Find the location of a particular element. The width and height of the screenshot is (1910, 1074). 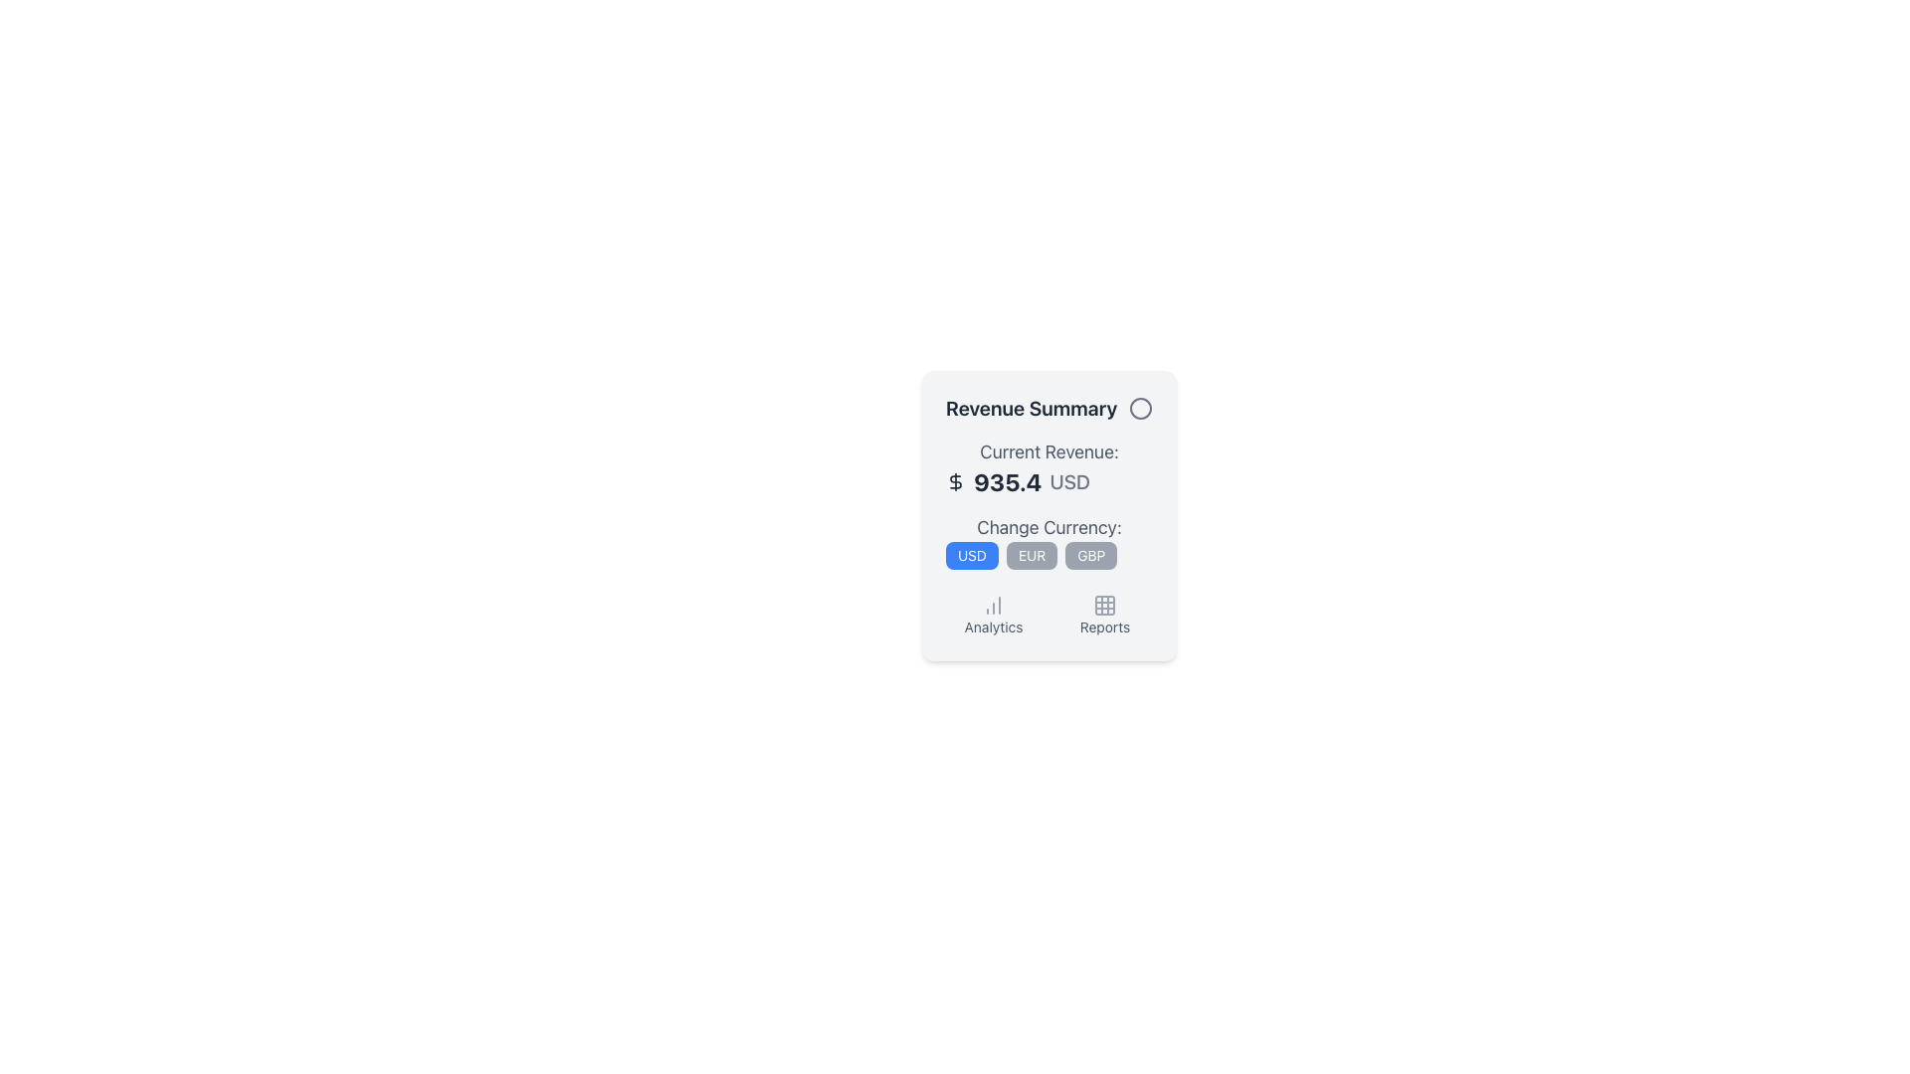

the 'Analytics' icon located in the top-left corner of the grid section under the 'Revenue Summary' title is located at coordinates (993, 605).